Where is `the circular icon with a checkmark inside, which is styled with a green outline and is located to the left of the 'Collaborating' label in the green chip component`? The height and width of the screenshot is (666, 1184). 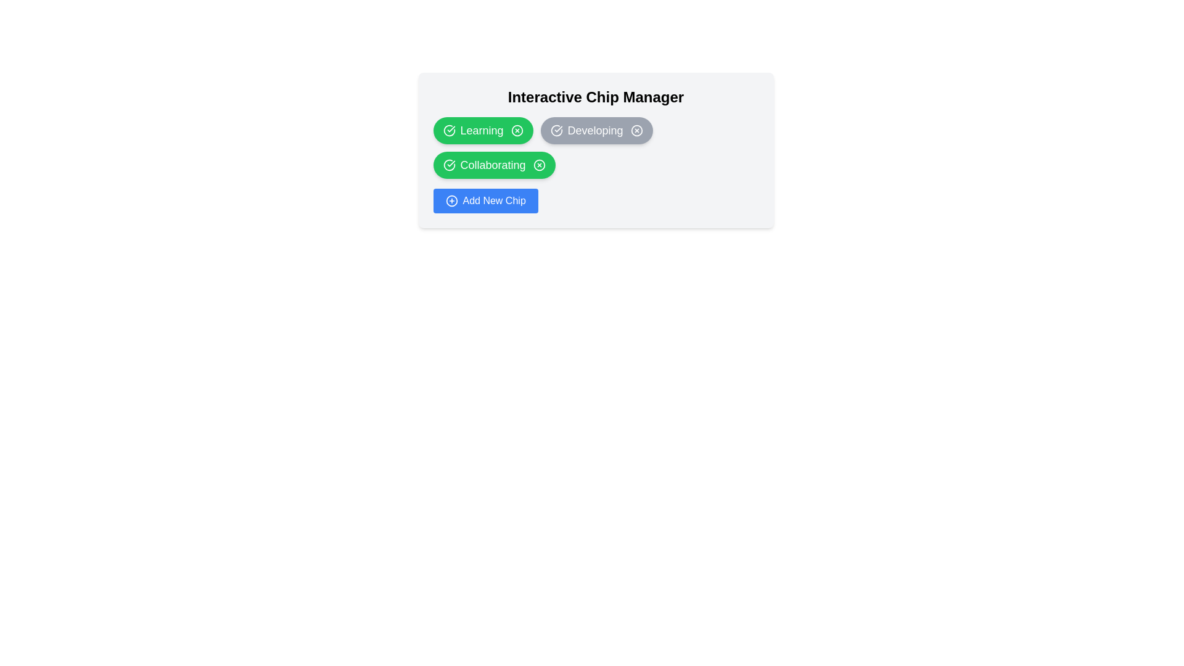 the circular icon with a checkmark inside, which is styled with a green outline and is located to the left of the 'Collaborating' label in the green chip component is located at coordinates (448, 164).